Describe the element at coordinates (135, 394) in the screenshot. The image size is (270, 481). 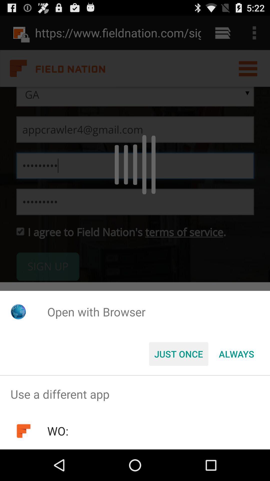
I see `use a different icon` at that location.